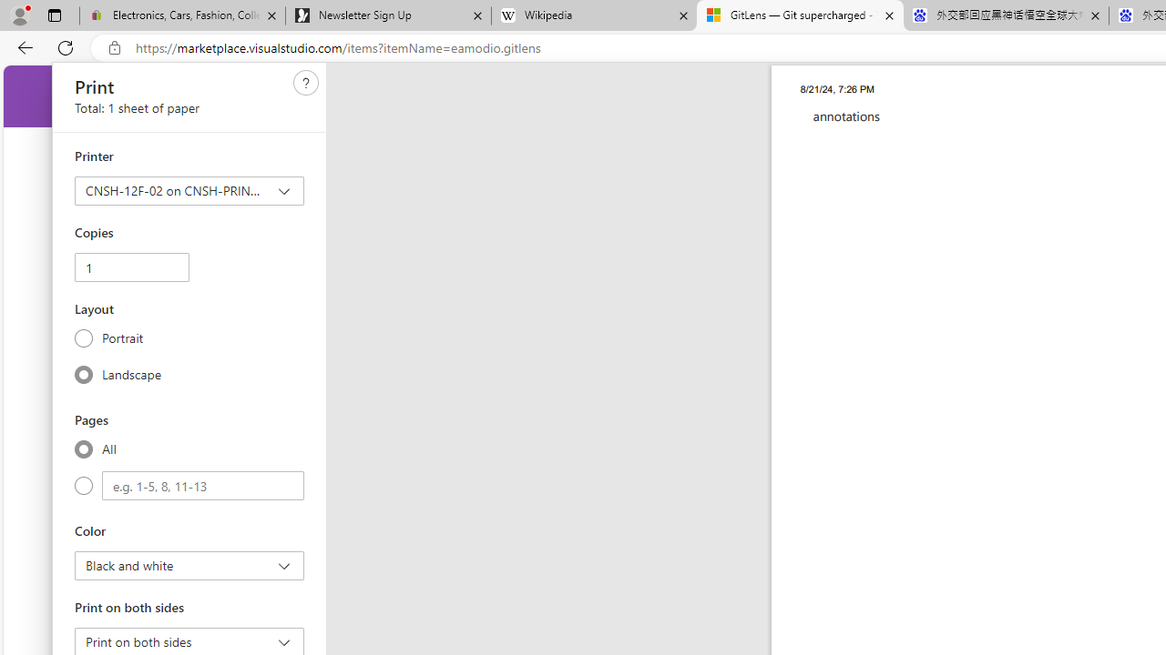  Describe the element at coordinates (83, 485) in the screenshot. I see `'Custom'` at that location.